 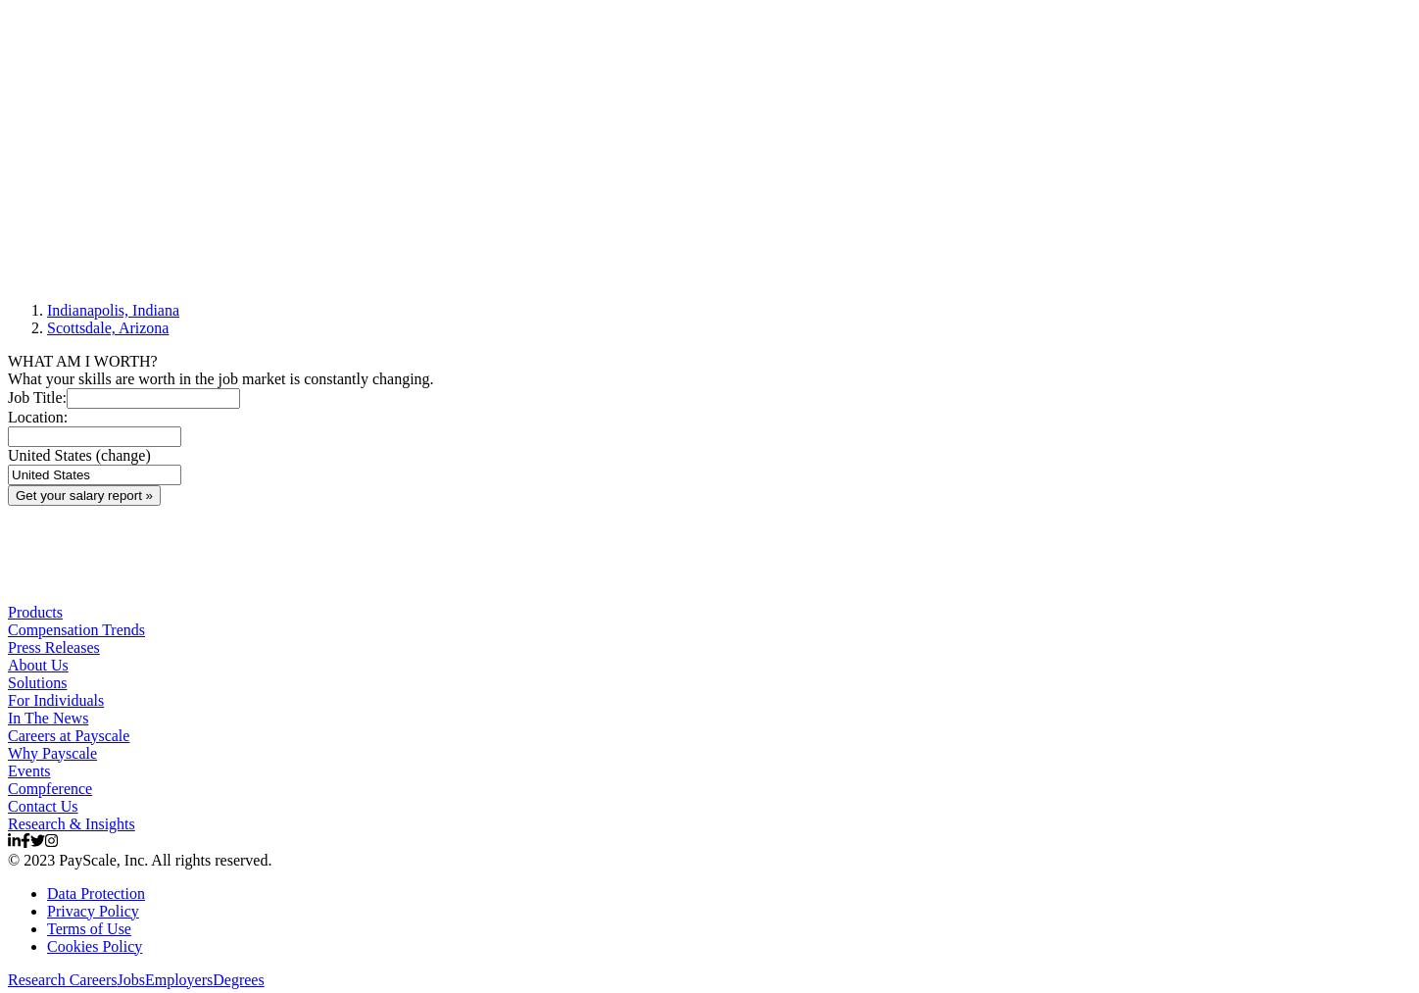 I want to click on 'Research & Insights', so click(x=71, y=821).